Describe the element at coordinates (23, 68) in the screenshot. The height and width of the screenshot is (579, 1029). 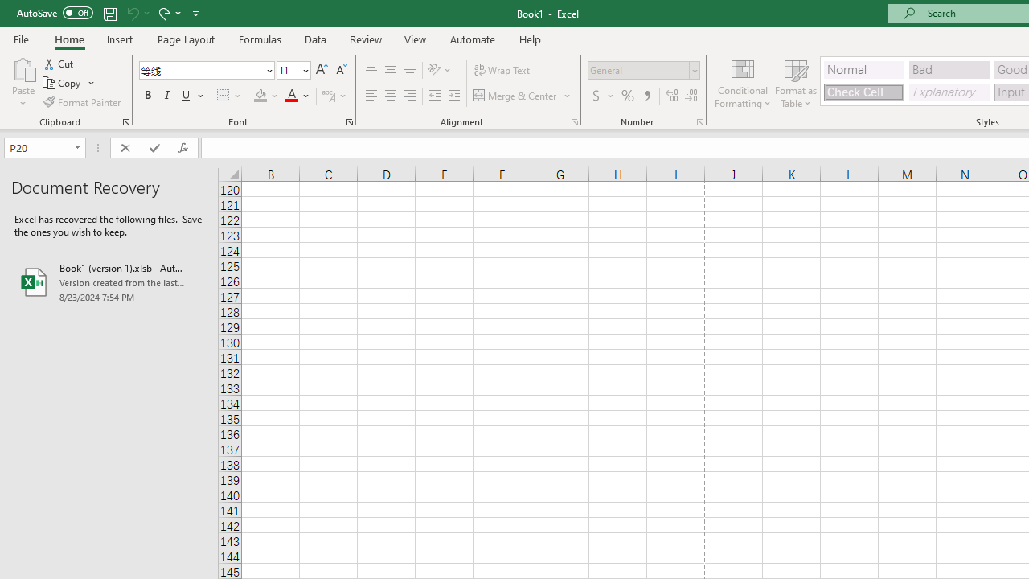
I see `'Paste'` at that location.